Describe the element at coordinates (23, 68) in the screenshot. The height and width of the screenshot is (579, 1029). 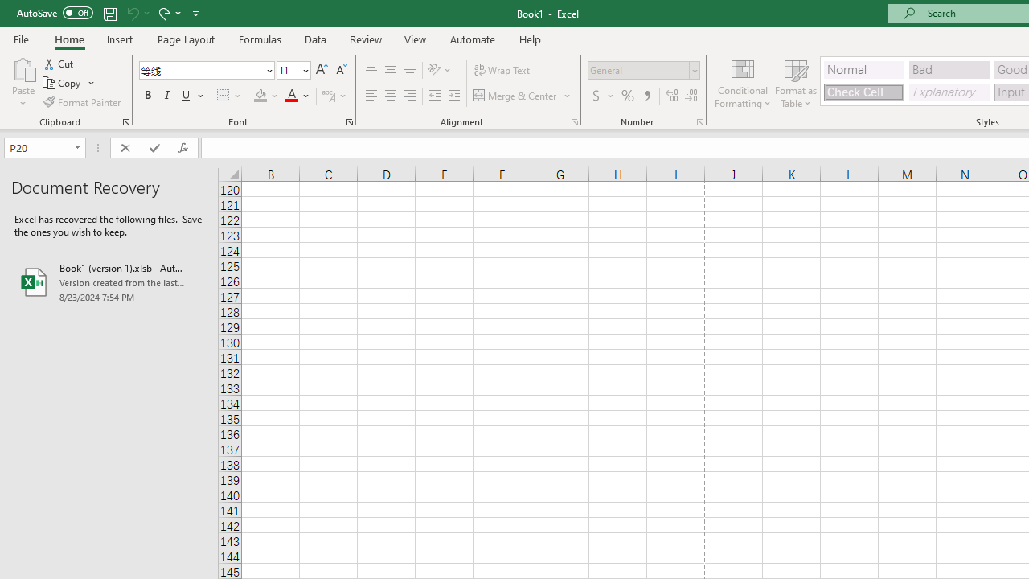
I see `'Paste'` at that location.